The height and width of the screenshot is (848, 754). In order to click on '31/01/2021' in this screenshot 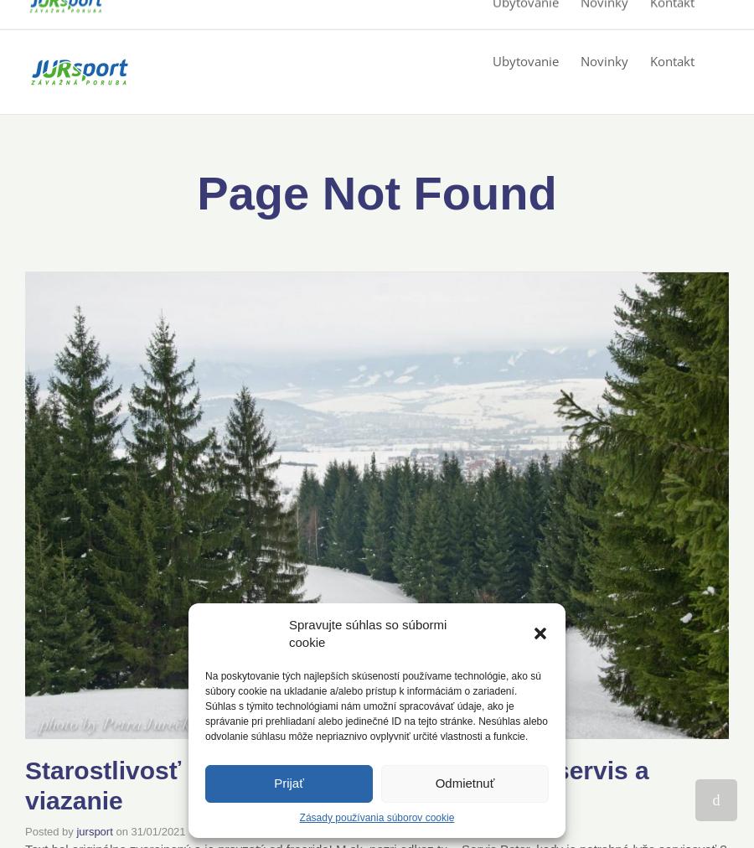, I will do `click(130, 830)`.